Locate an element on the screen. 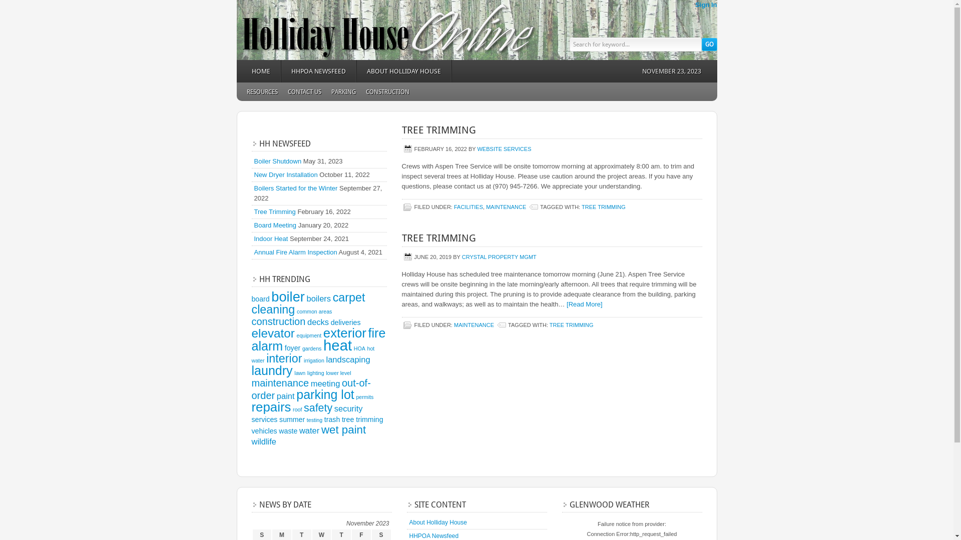  'water' is located at coordinates (309, 429).